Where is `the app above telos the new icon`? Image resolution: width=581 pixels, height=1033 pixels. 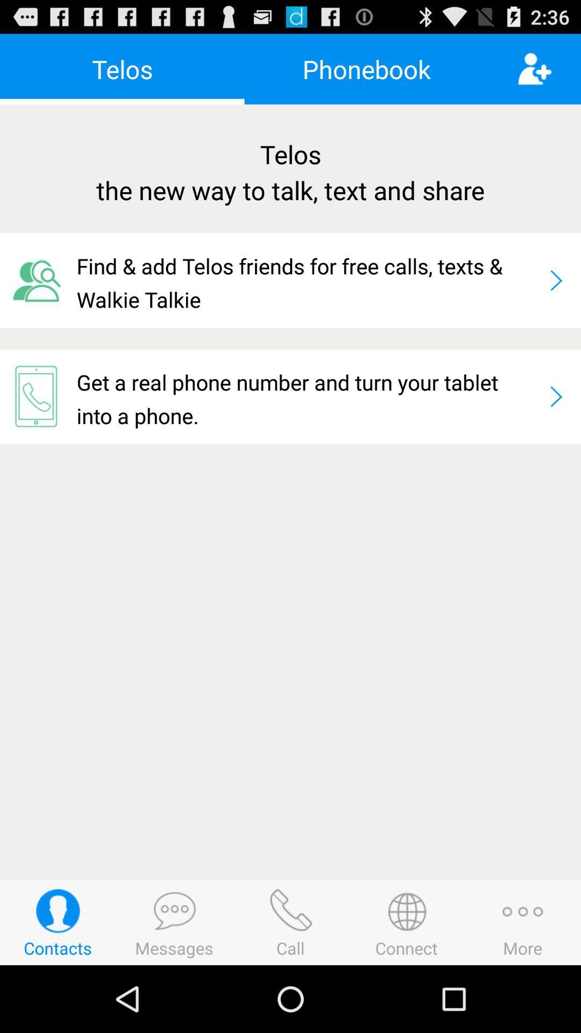
the app above telos the new icon is located at coordinates (549, 68).